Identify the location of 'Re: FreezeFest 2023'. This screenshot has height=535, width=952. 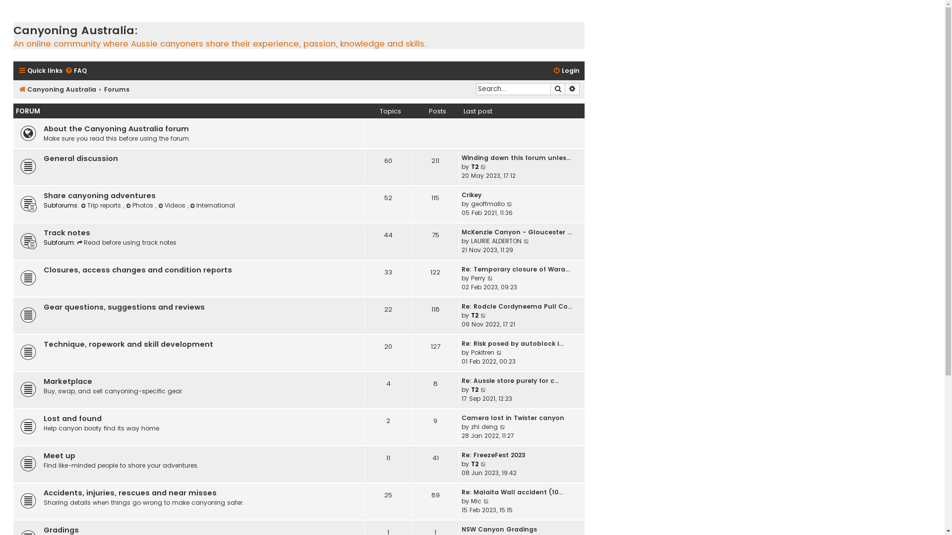
(461, 455).